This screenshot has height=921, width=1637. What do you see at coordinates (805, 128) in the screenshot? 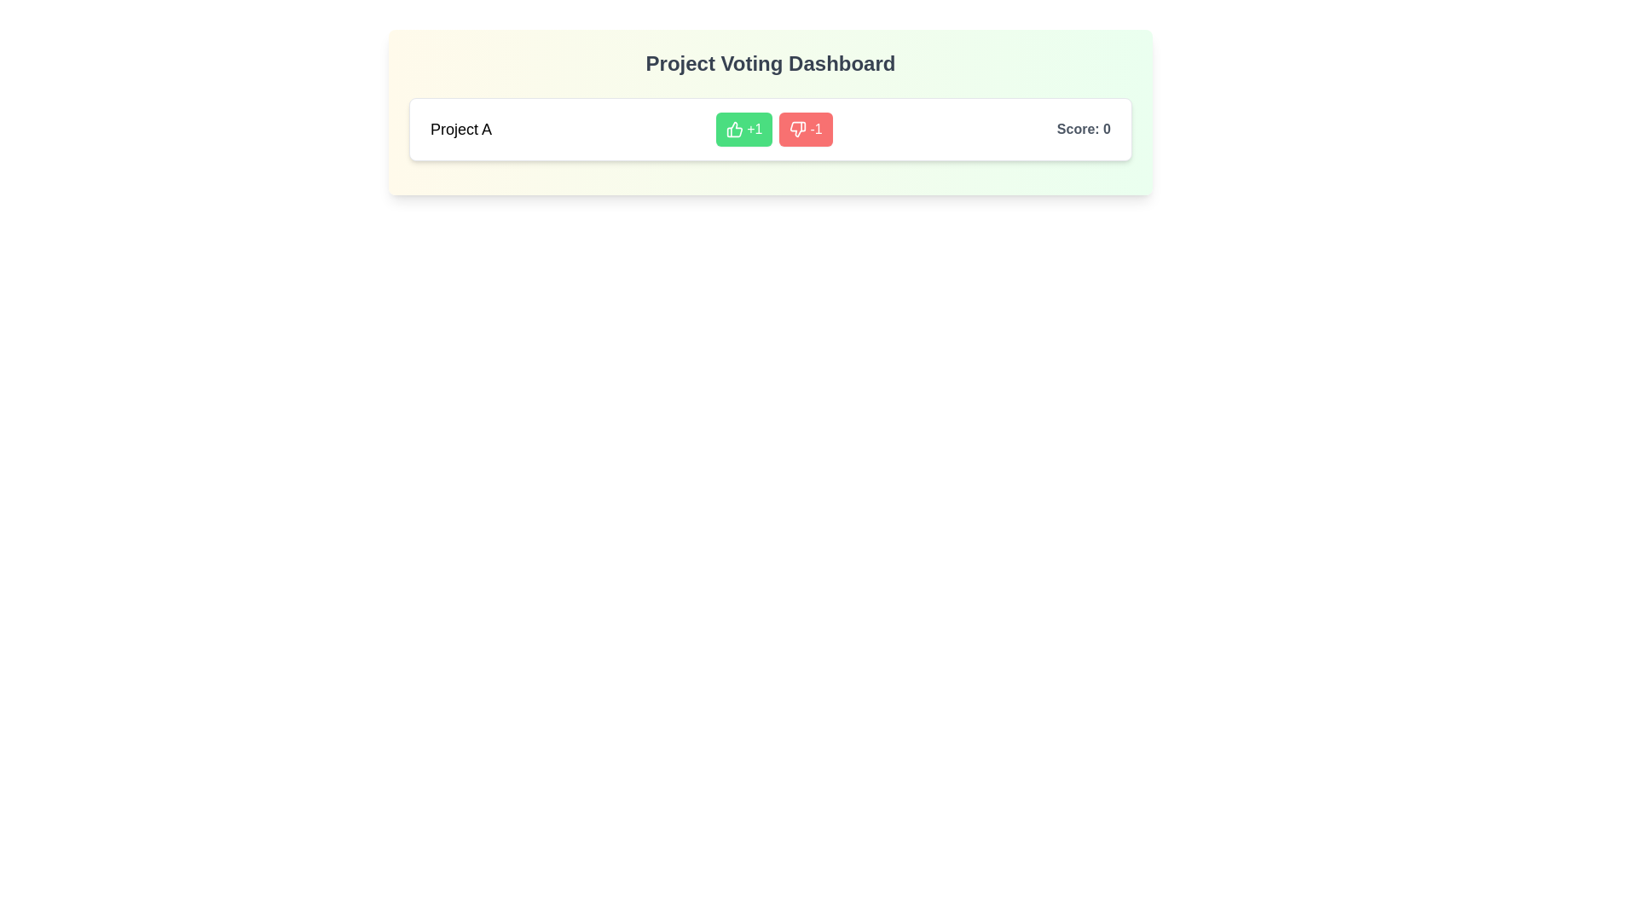
I see `'-1' button to decrease the vote score for the project` at bounding box center [805, 128].